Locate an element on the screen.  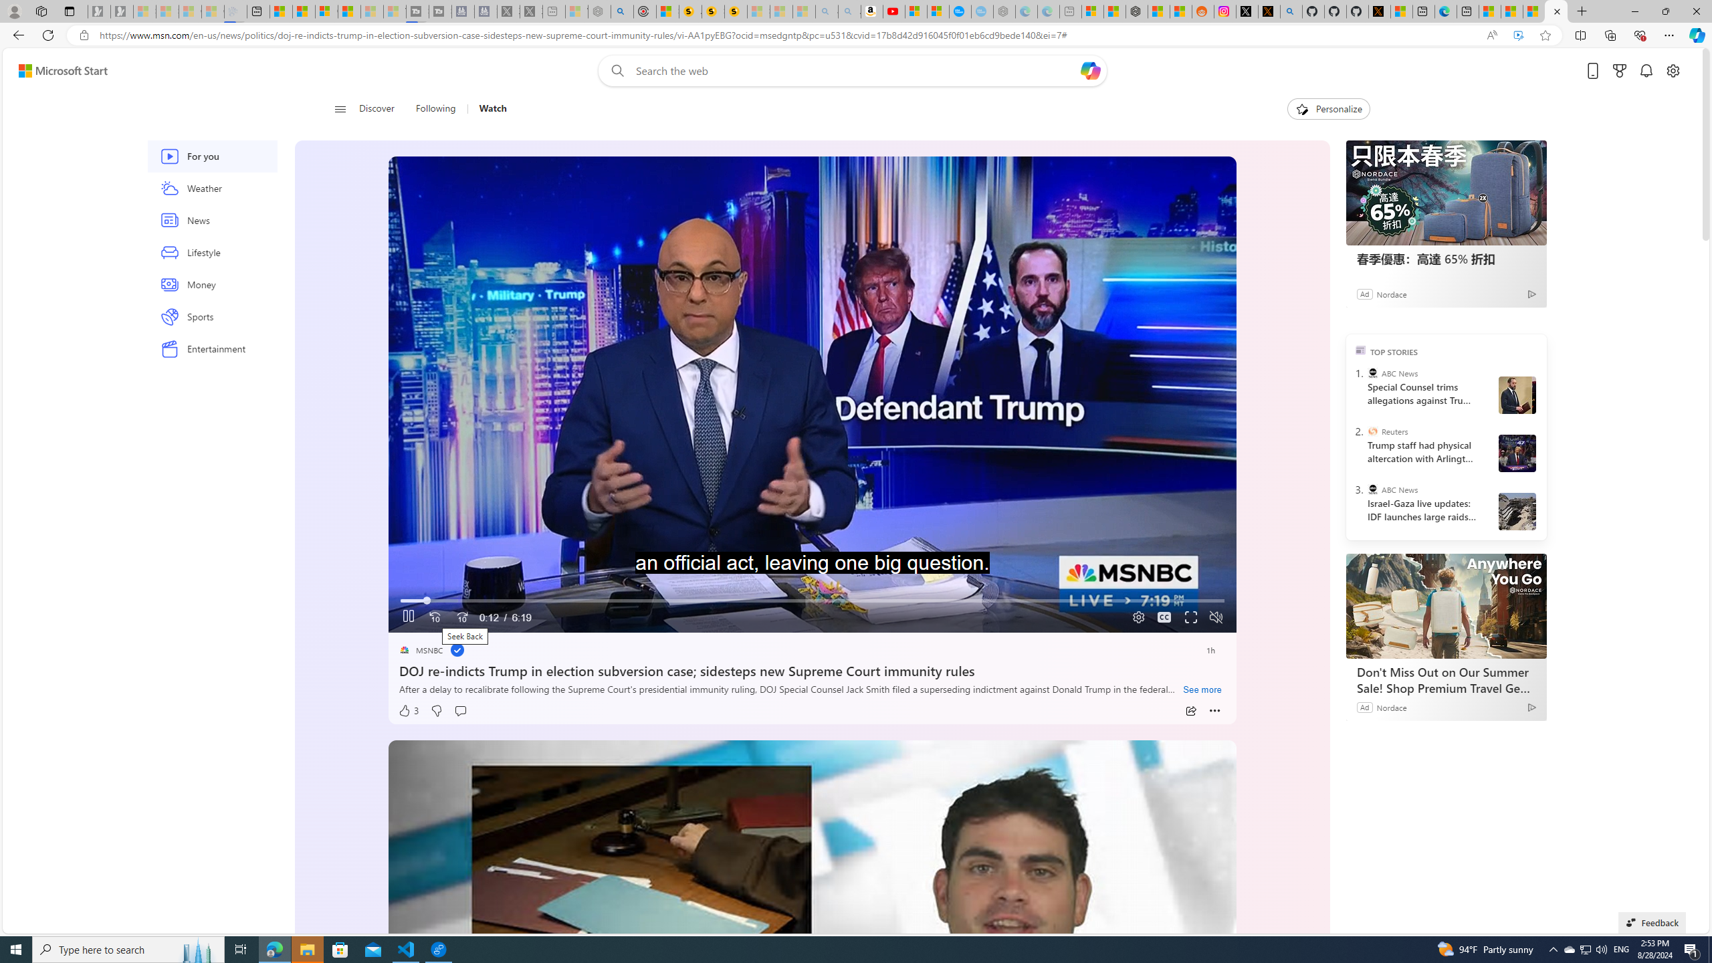
'More' is located at coordinates (1215, 710).